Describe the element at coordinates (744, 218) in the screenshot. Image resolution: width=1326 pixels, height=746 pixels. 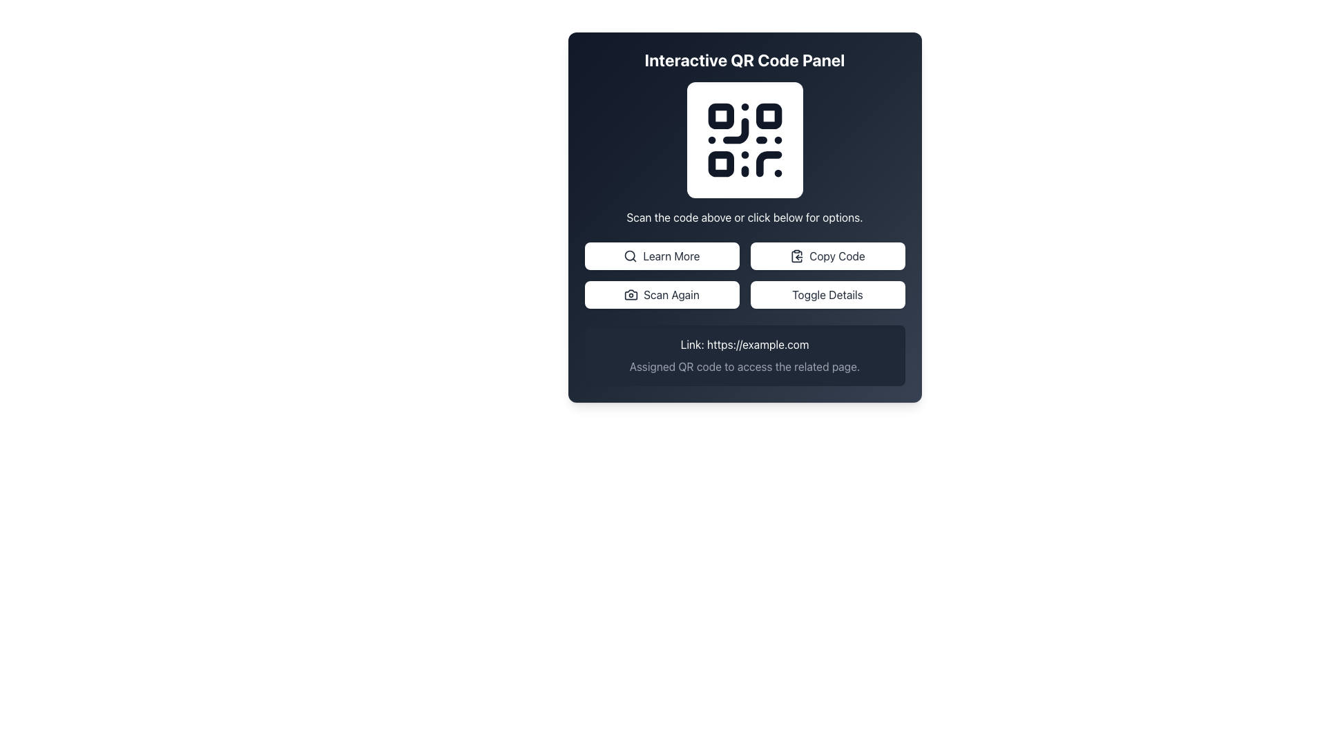
I see `the static text label that reads 'Scan the code above or click below for options.', which is positioned below the QR code and above the row of buttons` at that location.